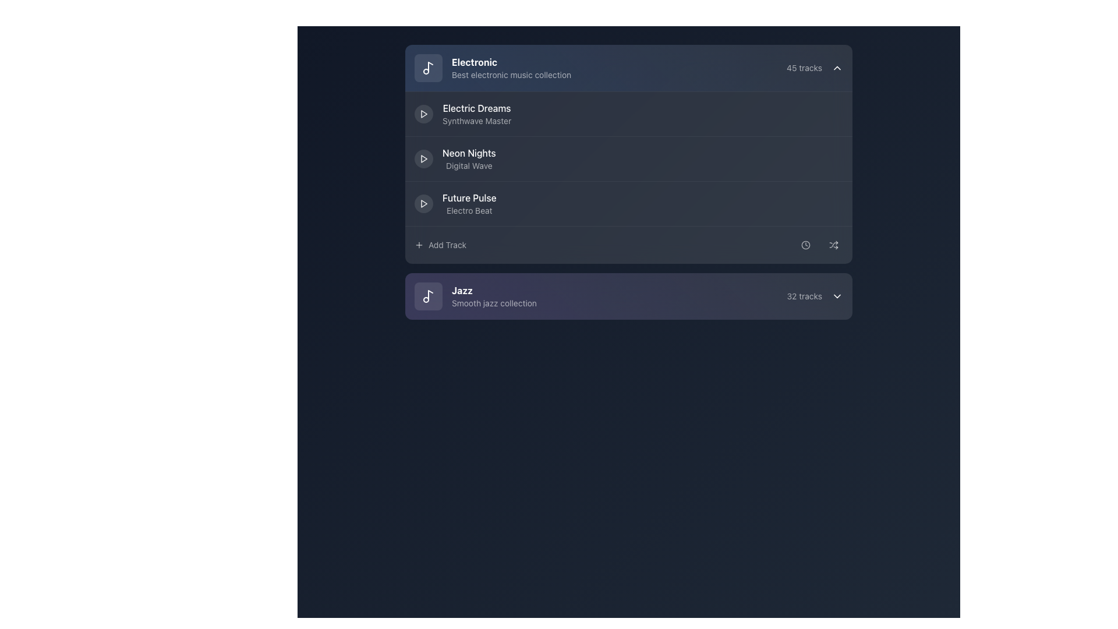 The width and height of the screenshot is (1118, 629). What do you see at coordinates (477, 114) in the screenshot?
I see `the label displaying 'Electric Dreams' by 'Synthwave Master'` at bounding box center [477, 114].